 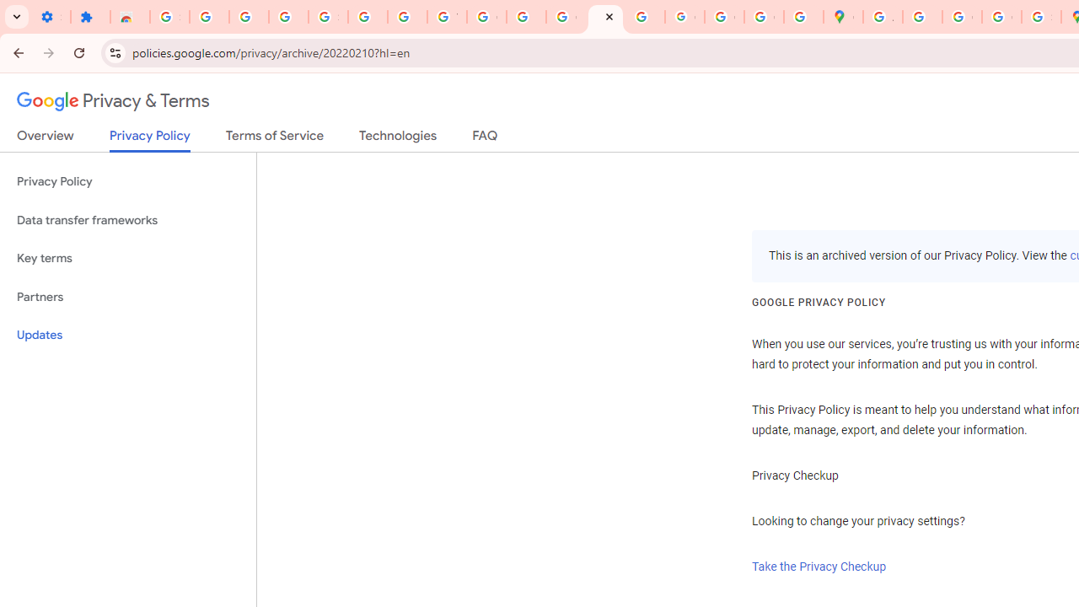 I want to click on 'Technologies', so click(x=397, y=138).